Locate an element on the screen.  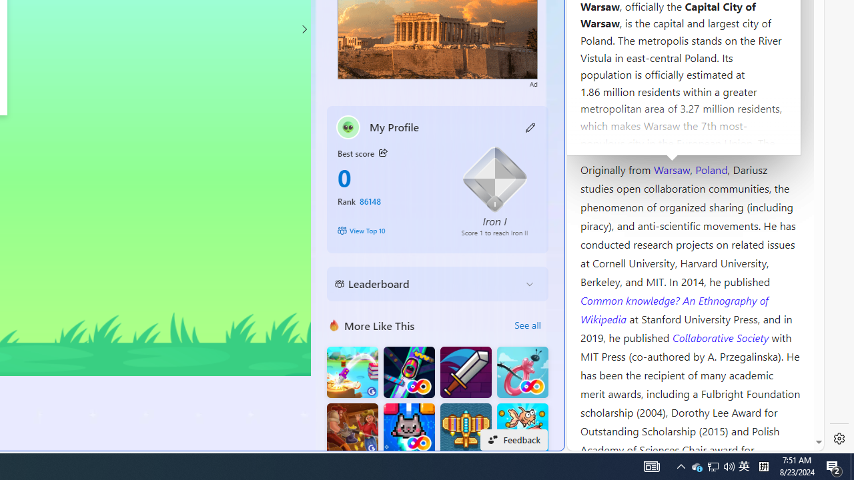
'Kitten Force FRVR' is located at coordinates (408, 429).